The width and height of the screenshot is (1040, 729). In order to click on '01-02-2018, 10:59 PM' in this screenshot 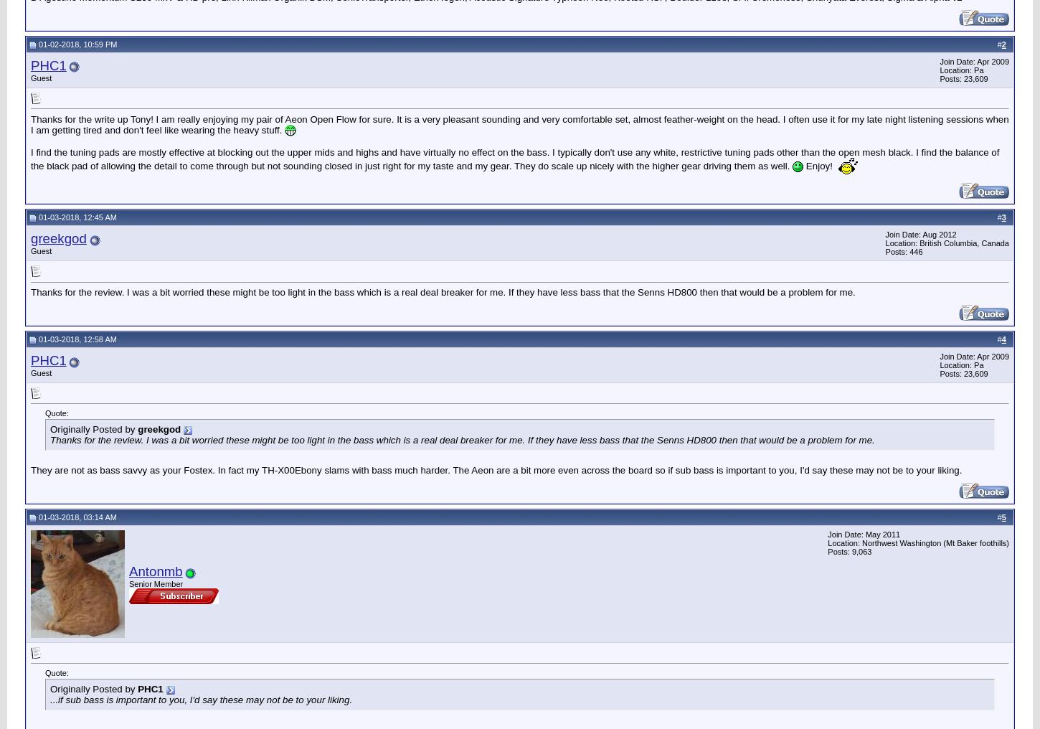, I will do `click(77, 42)`.